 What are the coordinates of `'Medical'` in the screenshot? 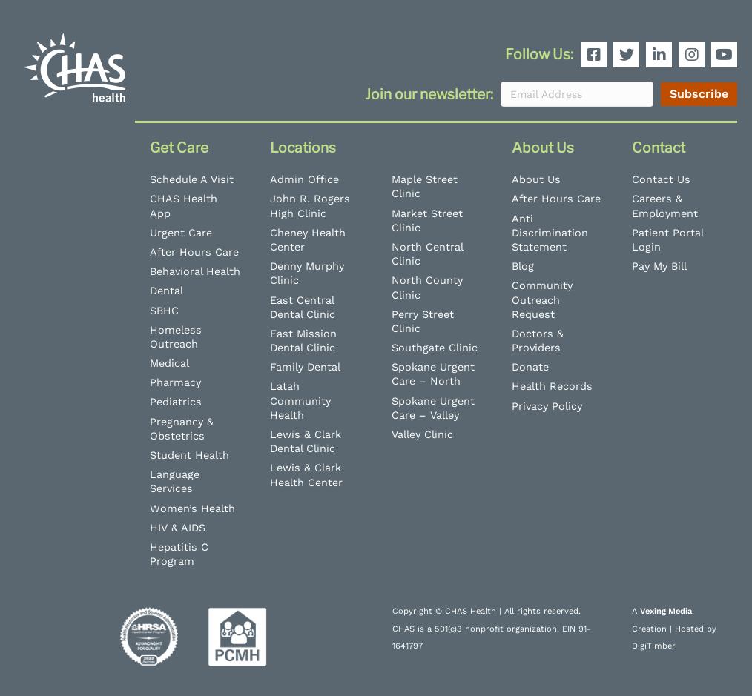 It's located at (148, 362).